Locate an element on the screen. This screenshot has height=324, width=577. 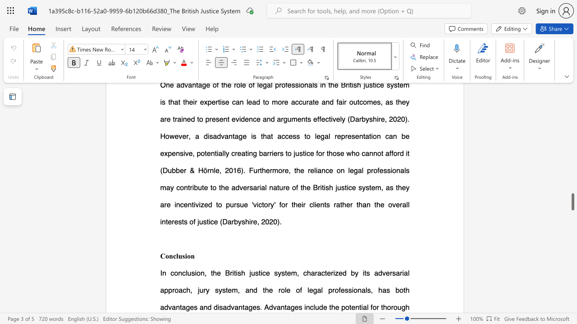
the page's right scrollbar for upward movement is located at coordinates (572, 175).